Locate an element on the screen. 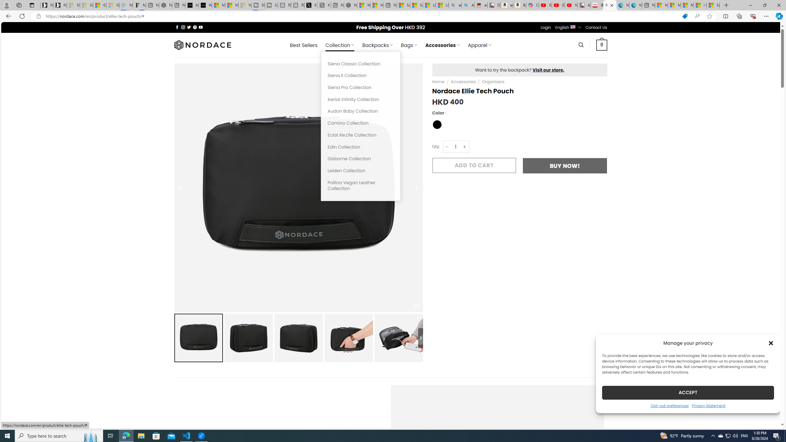 This screenshot has height=442, width=786. 'Nordace Ellie Tech Pouch quantity' is located at coordinates (455, 147).